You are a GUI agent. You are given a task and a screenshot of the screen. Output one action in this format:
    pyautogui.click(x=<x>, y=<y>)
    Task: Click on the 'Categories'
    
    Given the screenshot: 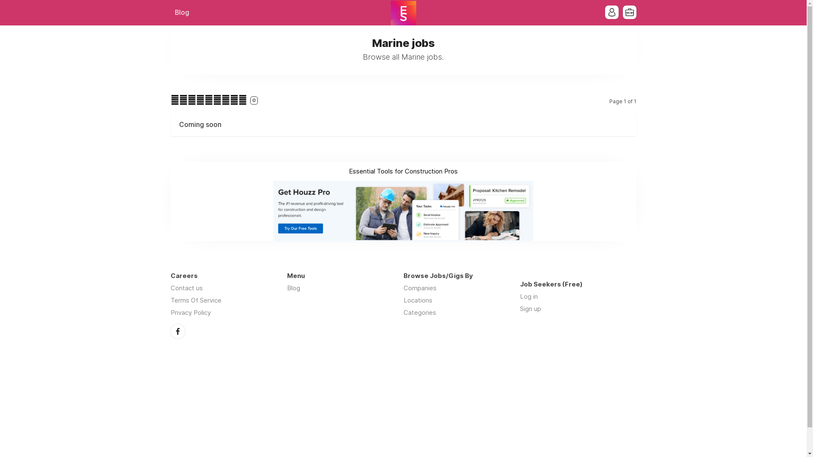 What is the action you would take?
    pyautogui.click(x=419, y=312)
    